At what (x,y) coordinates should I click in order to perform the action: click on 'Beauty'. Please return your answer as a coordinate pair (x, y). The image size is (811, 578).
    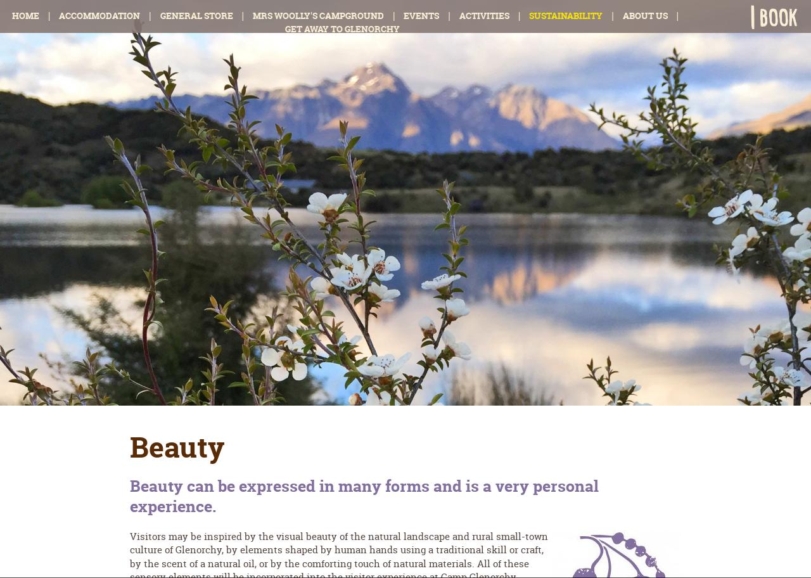
    Looking at the image, I should click on (177, 447).